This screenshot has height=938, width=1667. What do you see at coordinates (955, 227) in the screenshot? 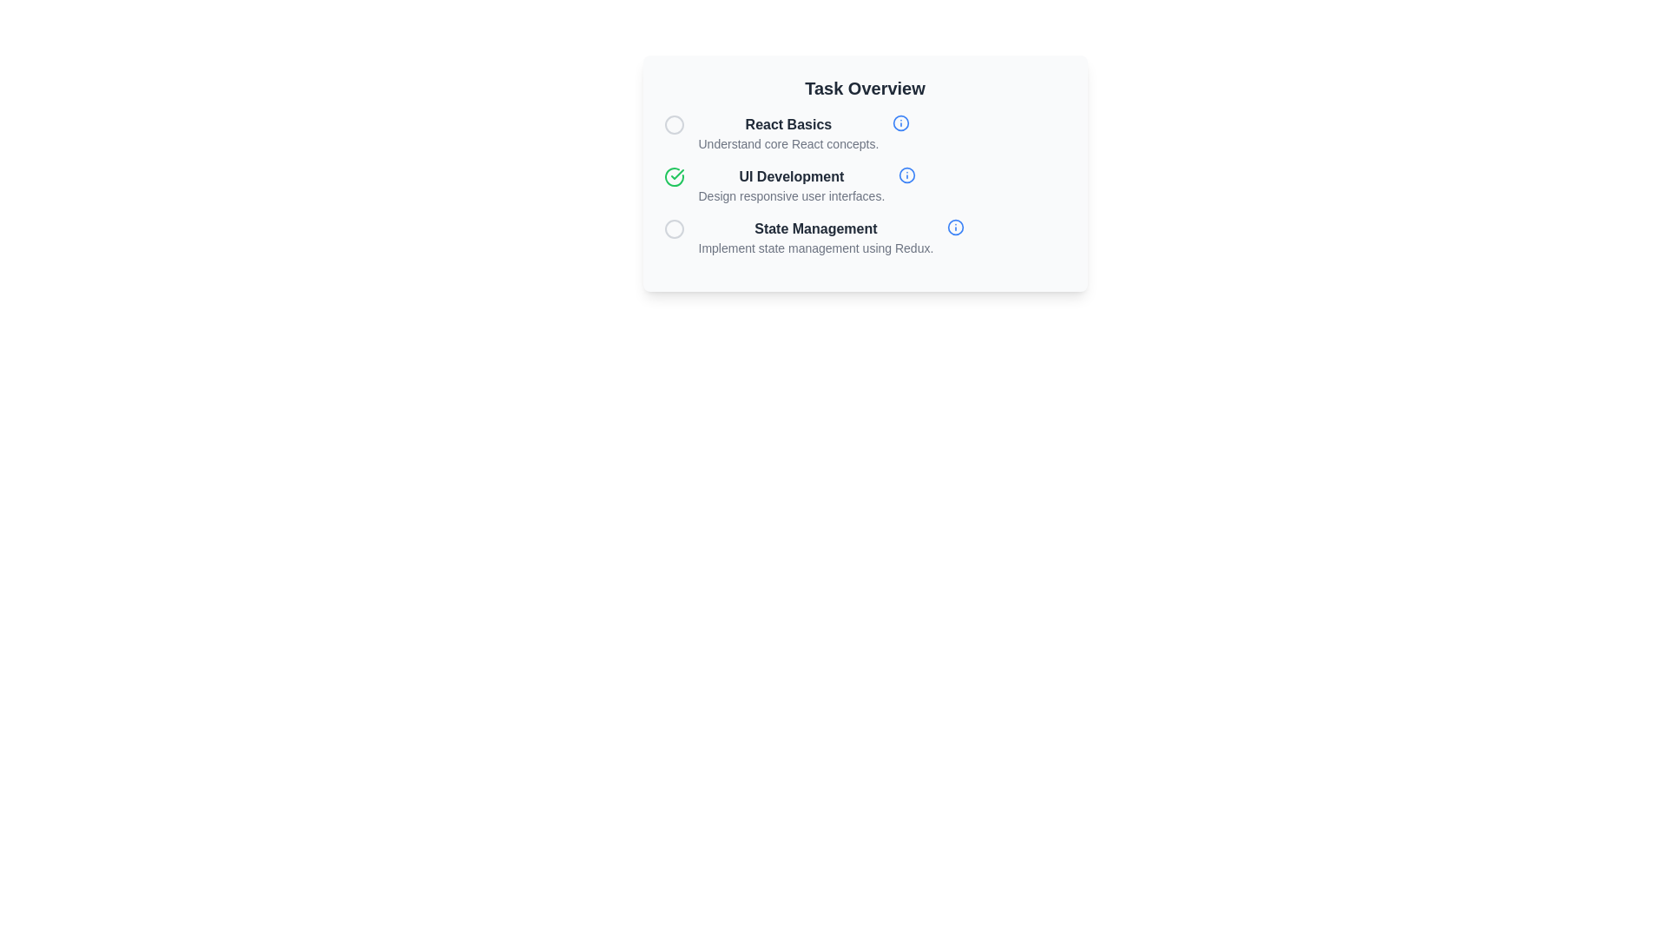
I see `the small circular icon with a blue outline and a white background featuring an 'i' symbol, located next to the text 'State Management' in the 'Task Overview' section` at bounding box center [955, 227].